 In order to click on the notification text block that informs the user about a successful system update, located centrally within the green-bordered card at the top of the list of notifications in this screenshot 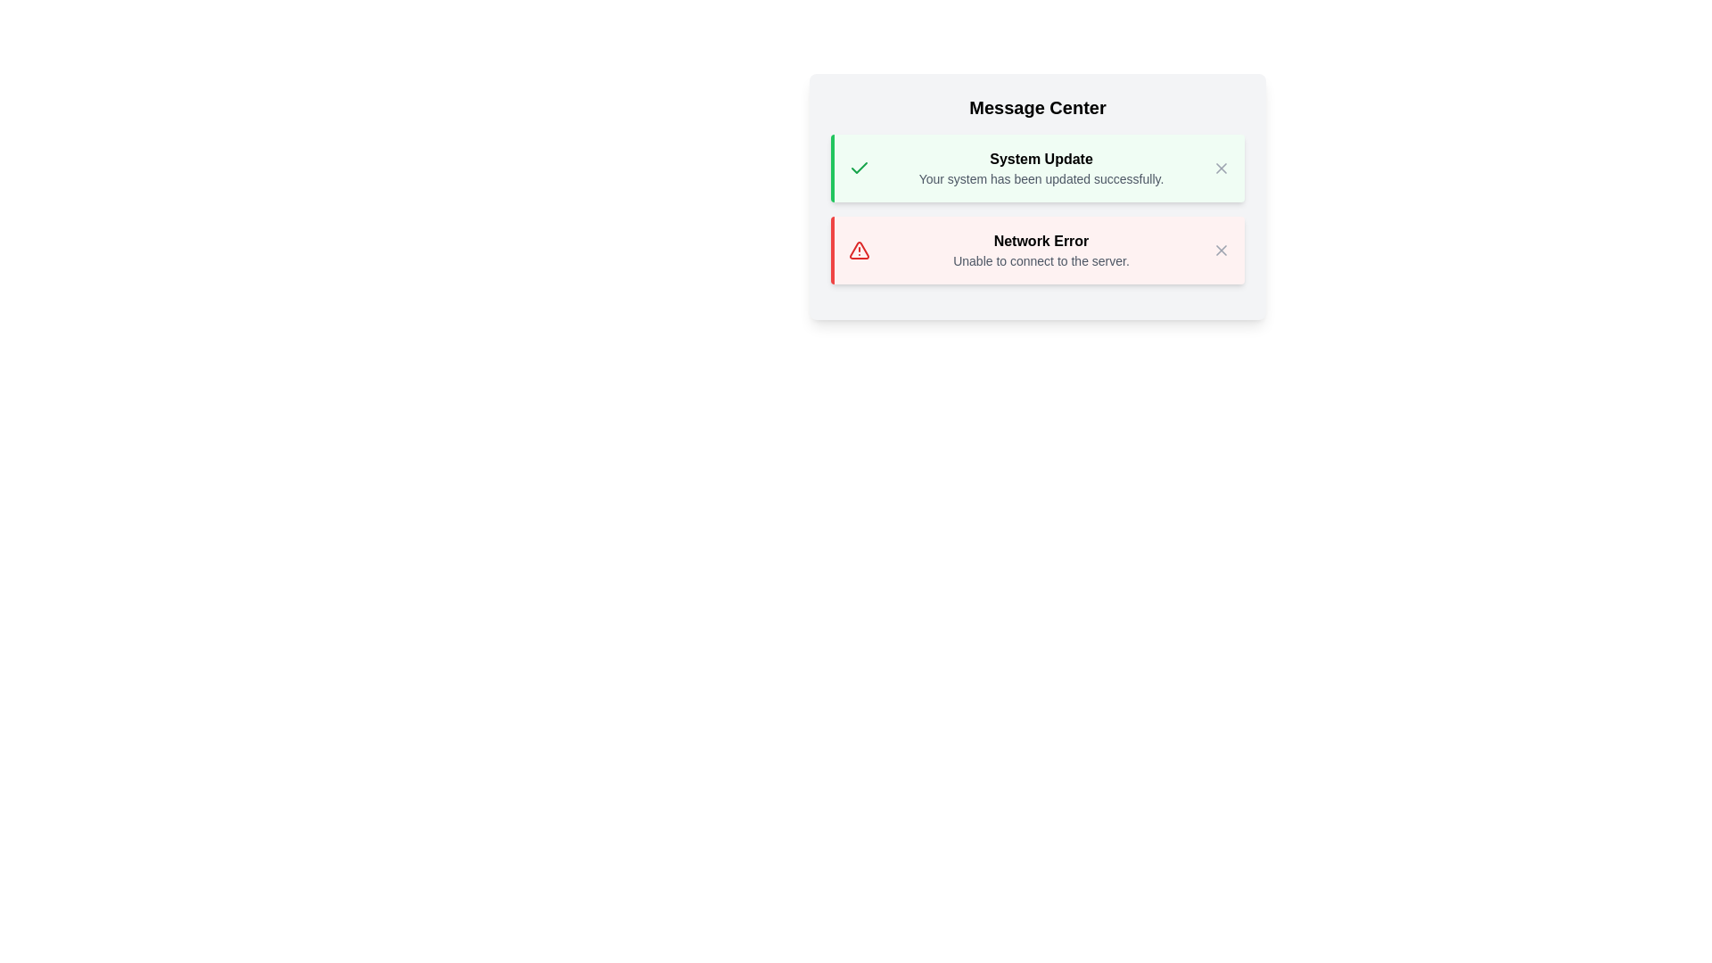, I will do `click(1041, 169)`.